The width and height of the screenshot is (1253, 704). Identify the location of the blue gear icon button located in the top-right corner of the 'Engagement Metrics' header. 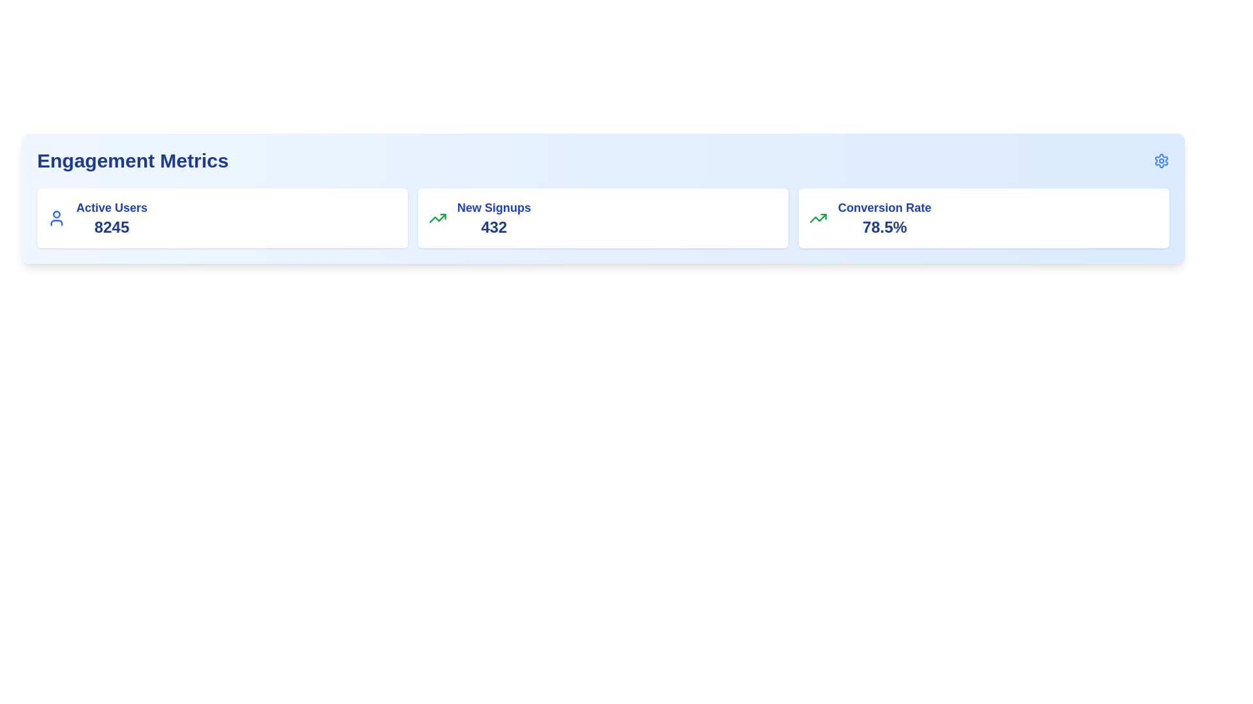
(1162, 160).